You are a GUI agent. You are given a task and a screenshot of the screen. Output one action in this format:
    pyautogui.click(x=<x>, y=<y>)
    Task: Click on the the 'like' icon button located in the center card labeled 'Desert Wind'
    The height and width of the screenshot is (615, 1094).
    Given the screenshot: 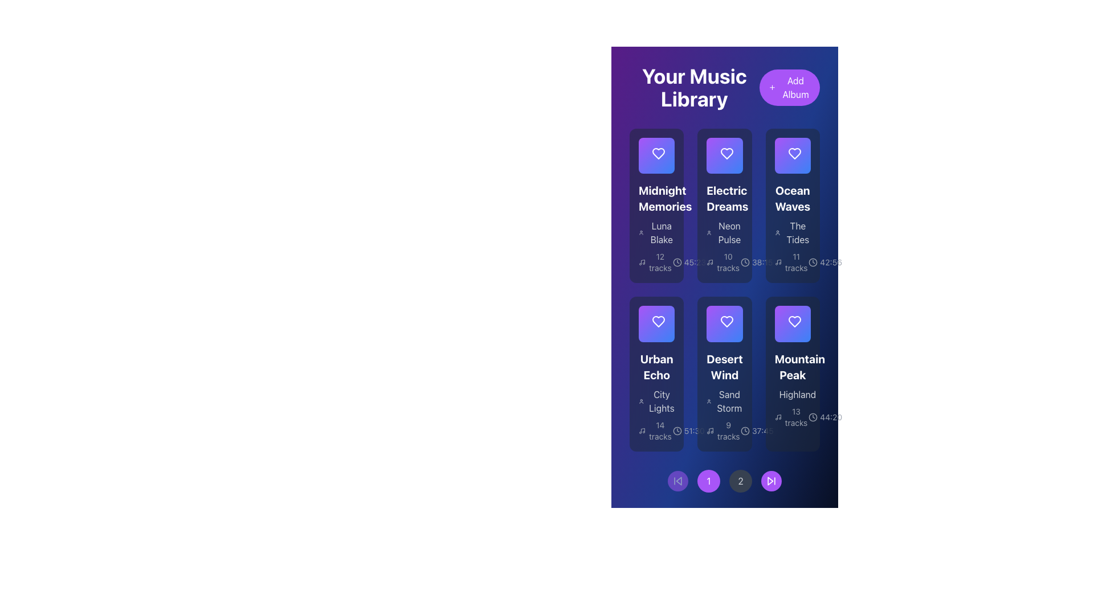 What is the action you would take?
    pyautogui.click(x=726, y=322)
    